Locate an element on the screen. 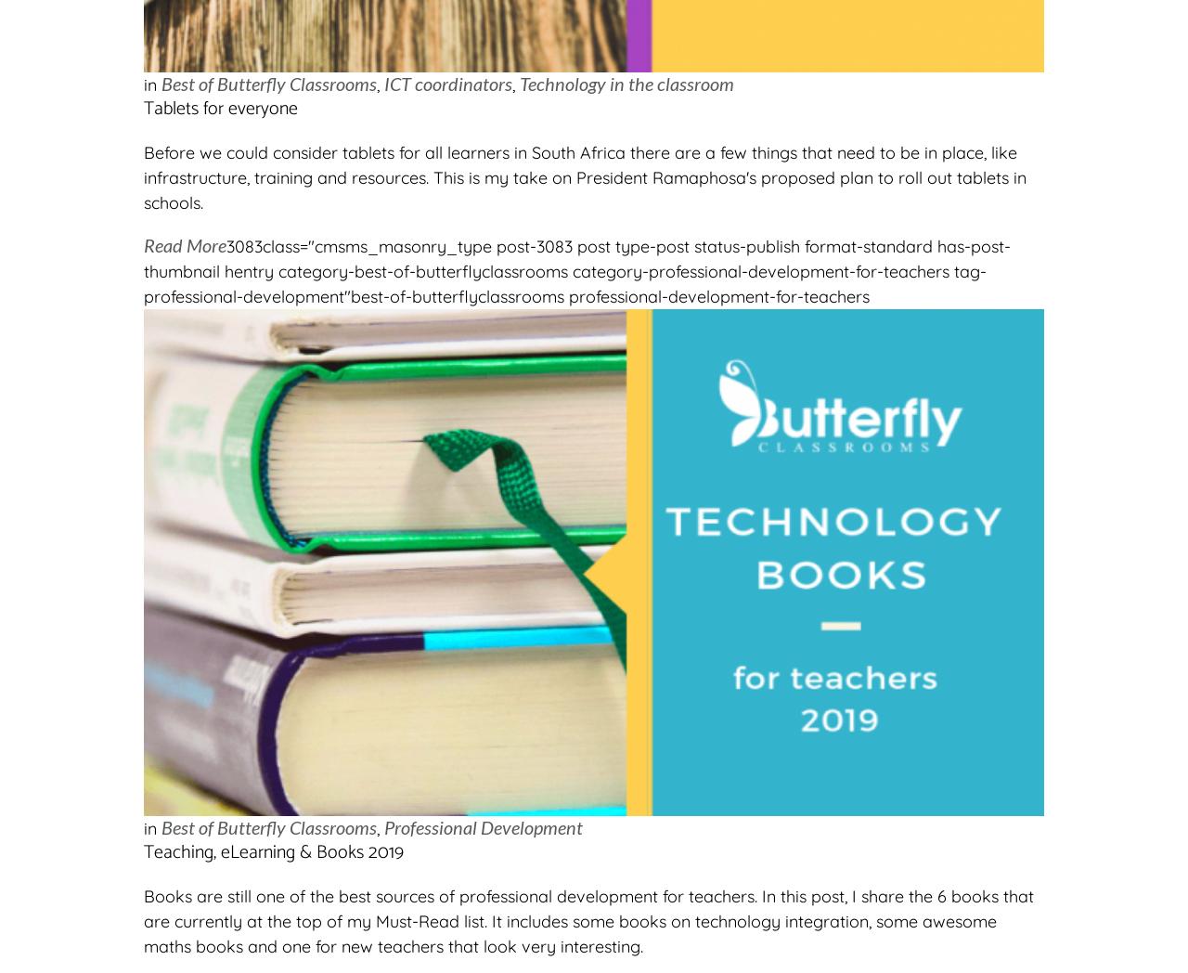 Image resolution: width=1188 pixels, height=973 pixels. 'Books are still one of the best sources of professional development for teachers. In this post, I share the 6 books that are currently at the top of my Must-Read list. It includes some books on technology integration, some awesome maths books and one for new teachers that look very interesting.' is located at coordinates (588, 919).